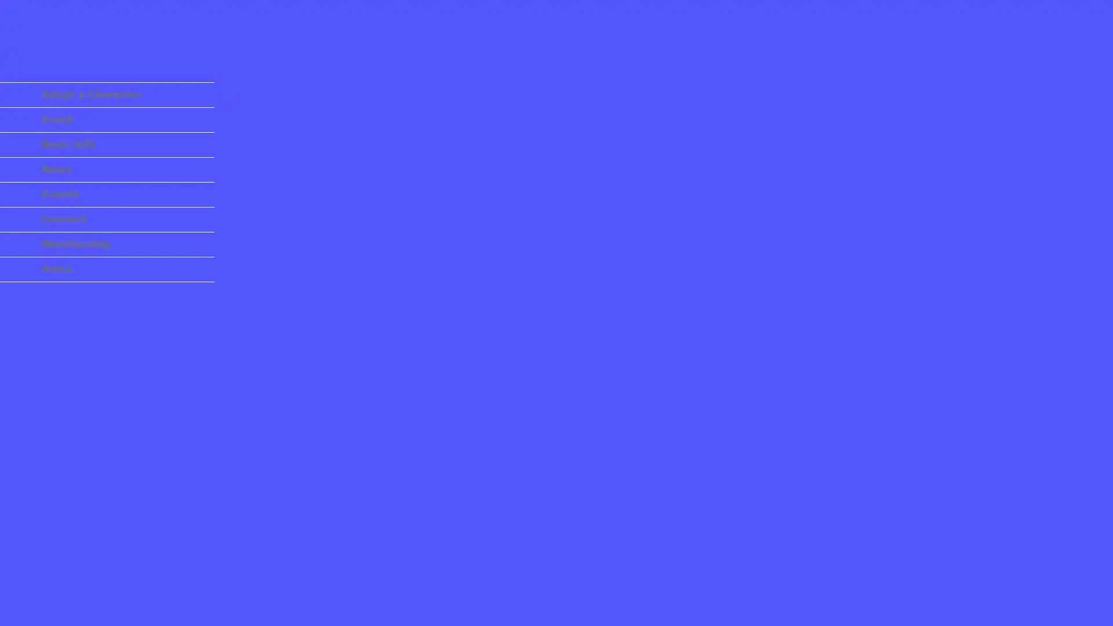 This screenshot has width=1113, height=626. I want to click on U+3003, so click(526, 315).